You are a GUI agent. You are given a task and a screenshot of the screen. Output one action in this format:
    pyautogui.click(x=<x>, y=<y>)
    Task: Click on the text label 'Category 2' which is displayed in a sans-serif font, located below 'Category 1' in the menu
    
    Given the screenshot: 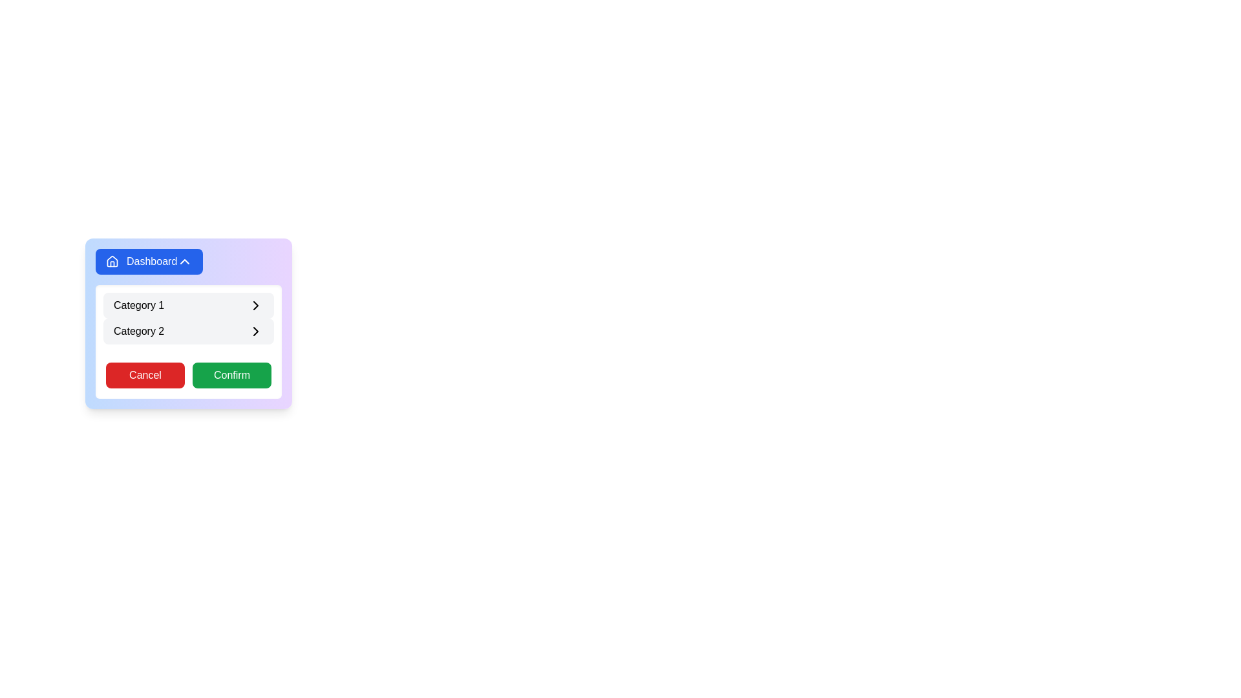 What is the action you would take?
    pyautogui.click(x=139, y=331)
    